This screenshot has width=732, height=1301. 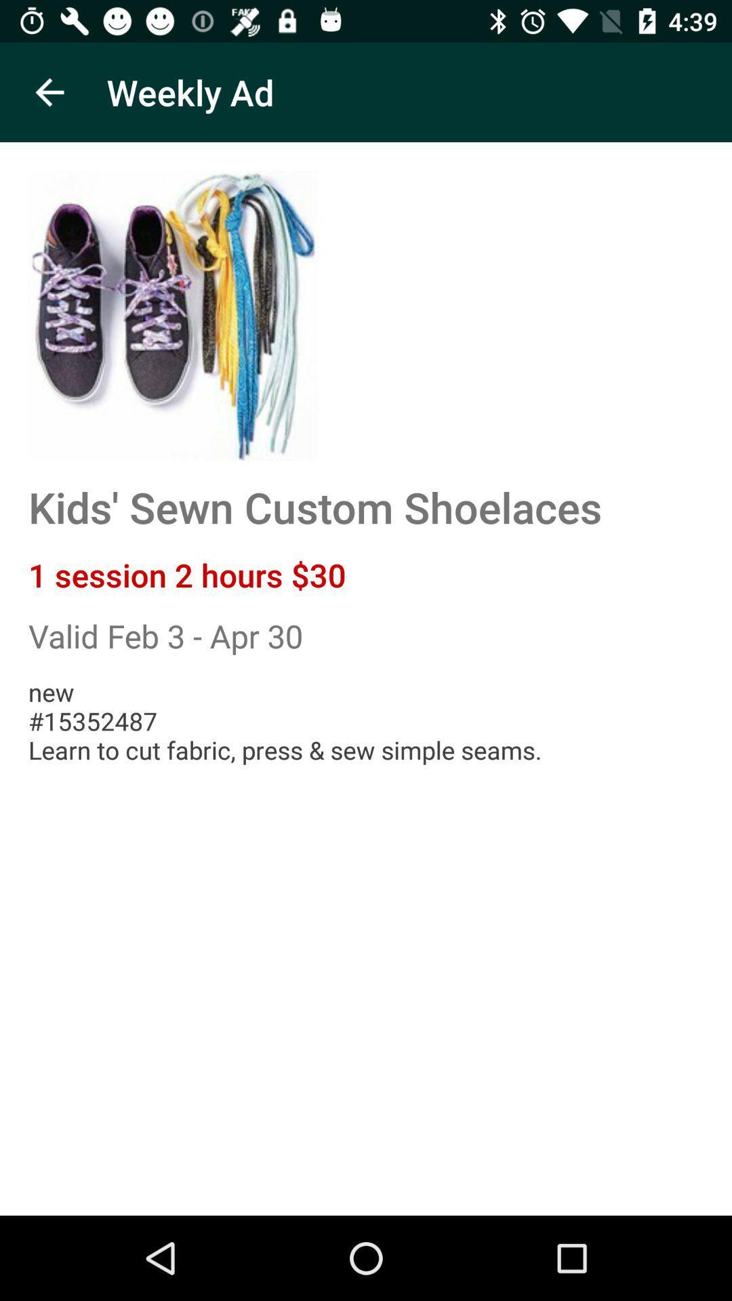 I want to click on app next to weekly ad, so click(x=49, y=91).